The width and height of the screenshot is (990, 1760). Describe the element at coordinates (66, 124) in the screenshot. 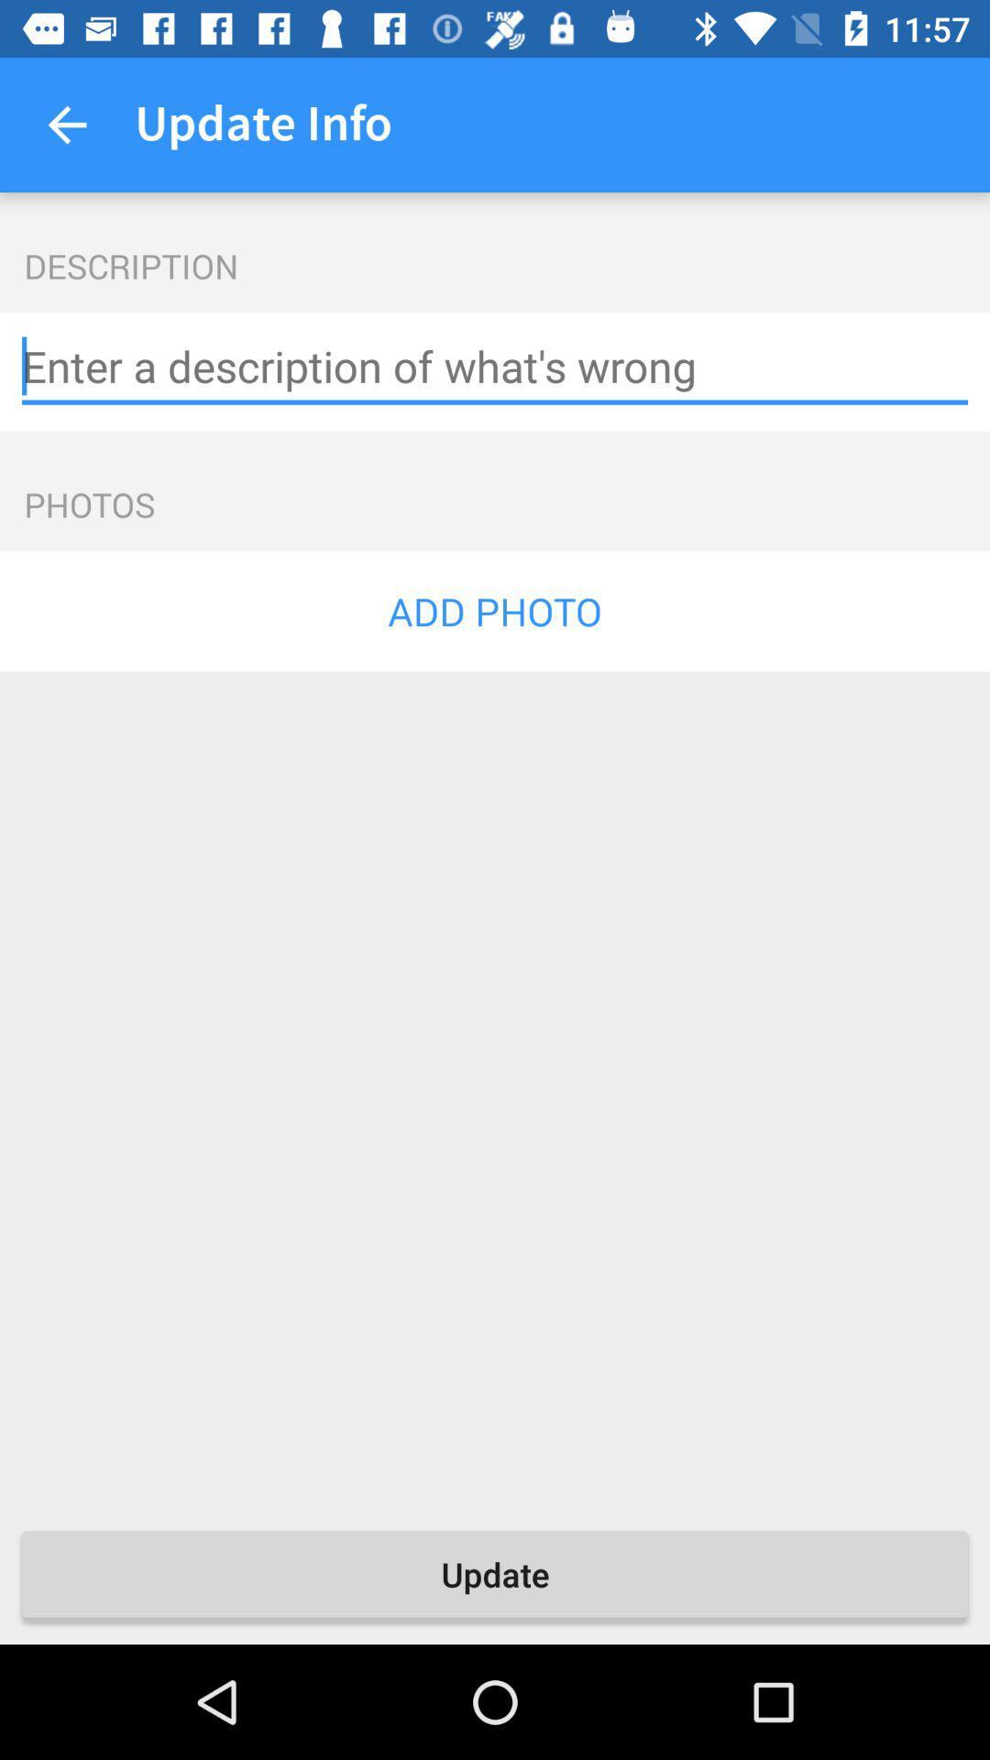

I see `the item to the left of update info` at that location.